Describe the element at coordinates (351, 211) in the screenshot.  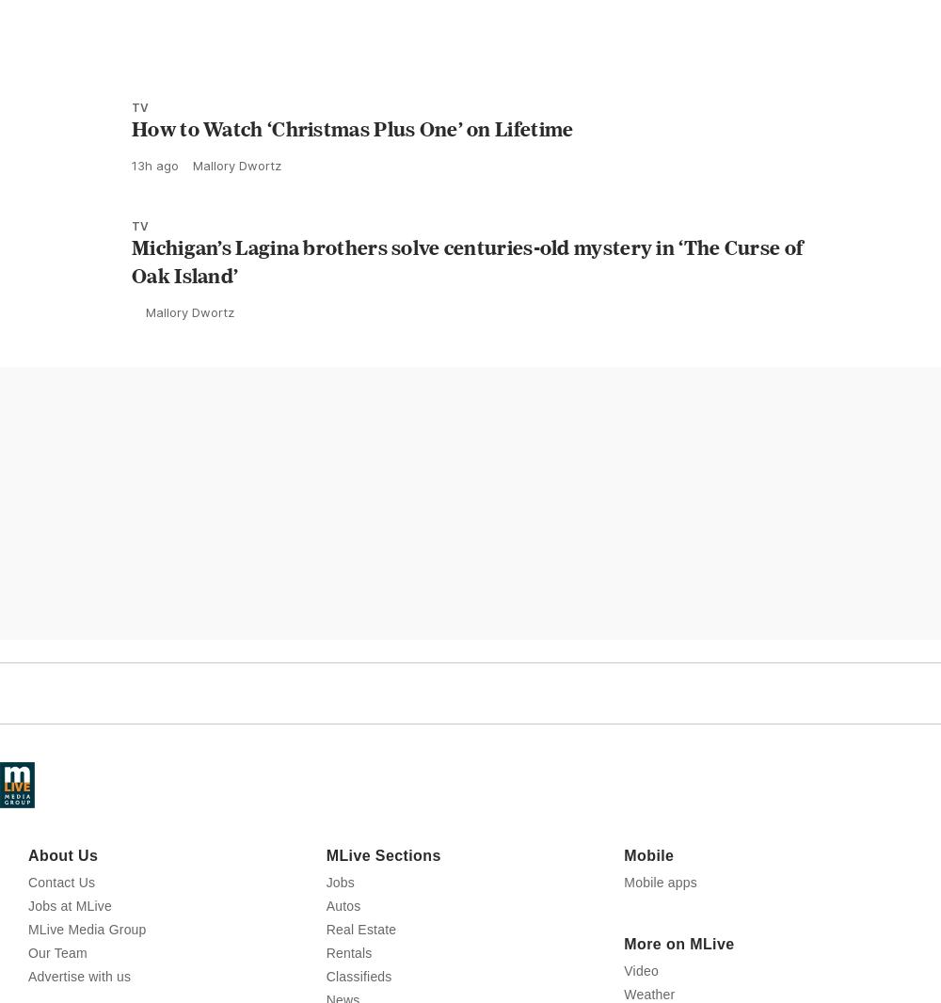
I see `'How to Watch ‘Christmas Plus One’ on Lifetime'` at that location.